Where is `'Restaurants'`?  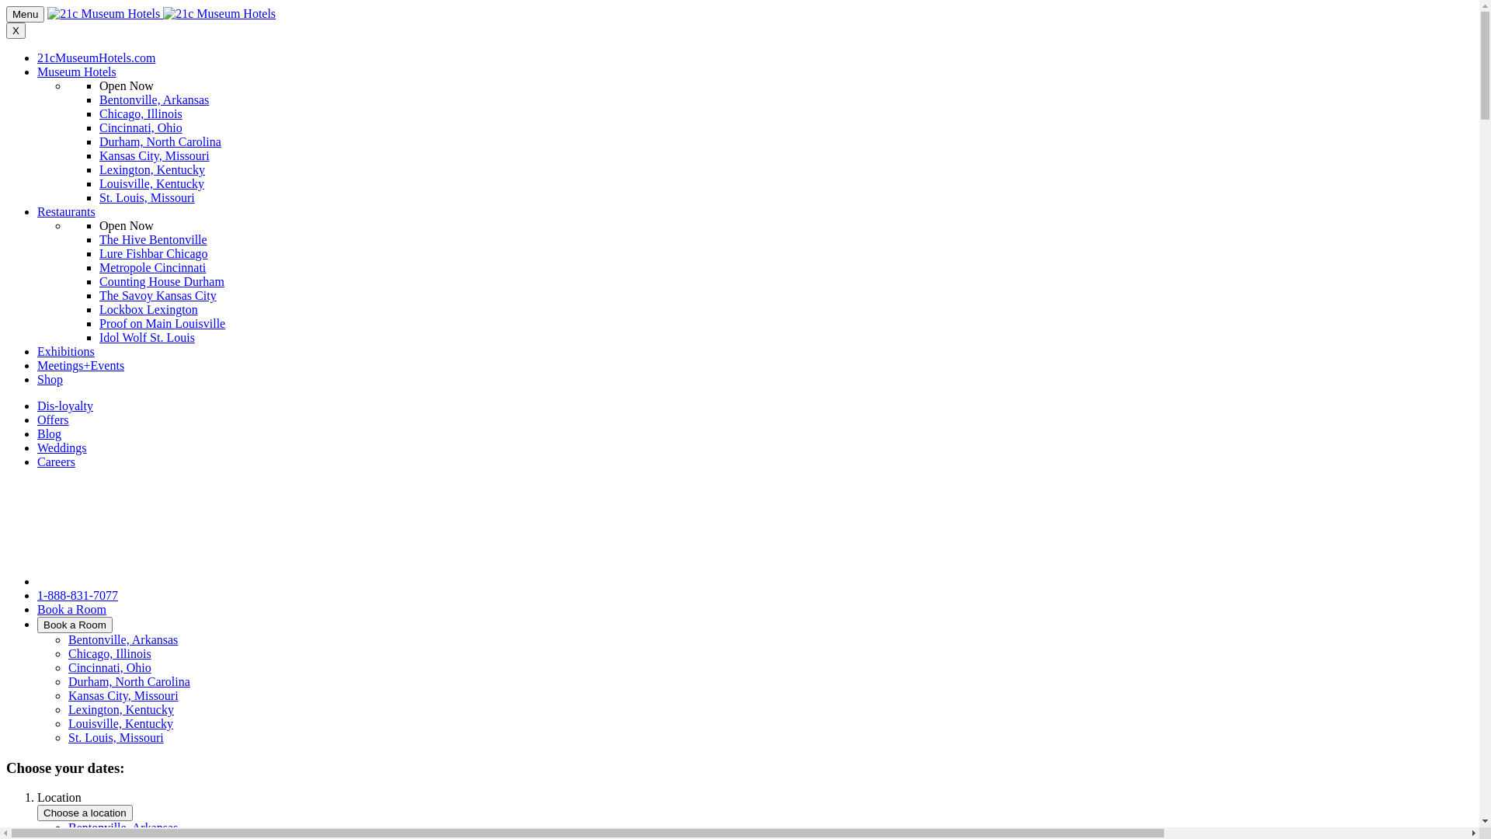
'Restaurants' is located at coordinates (65, 211).